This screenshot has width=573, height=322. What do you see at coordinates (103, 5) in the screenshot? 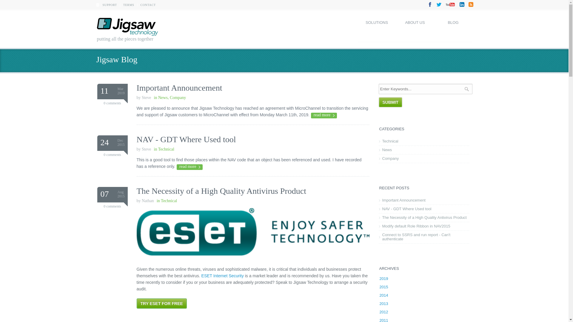
I see `'SUPPORT'` at bounding box center [103, 5].